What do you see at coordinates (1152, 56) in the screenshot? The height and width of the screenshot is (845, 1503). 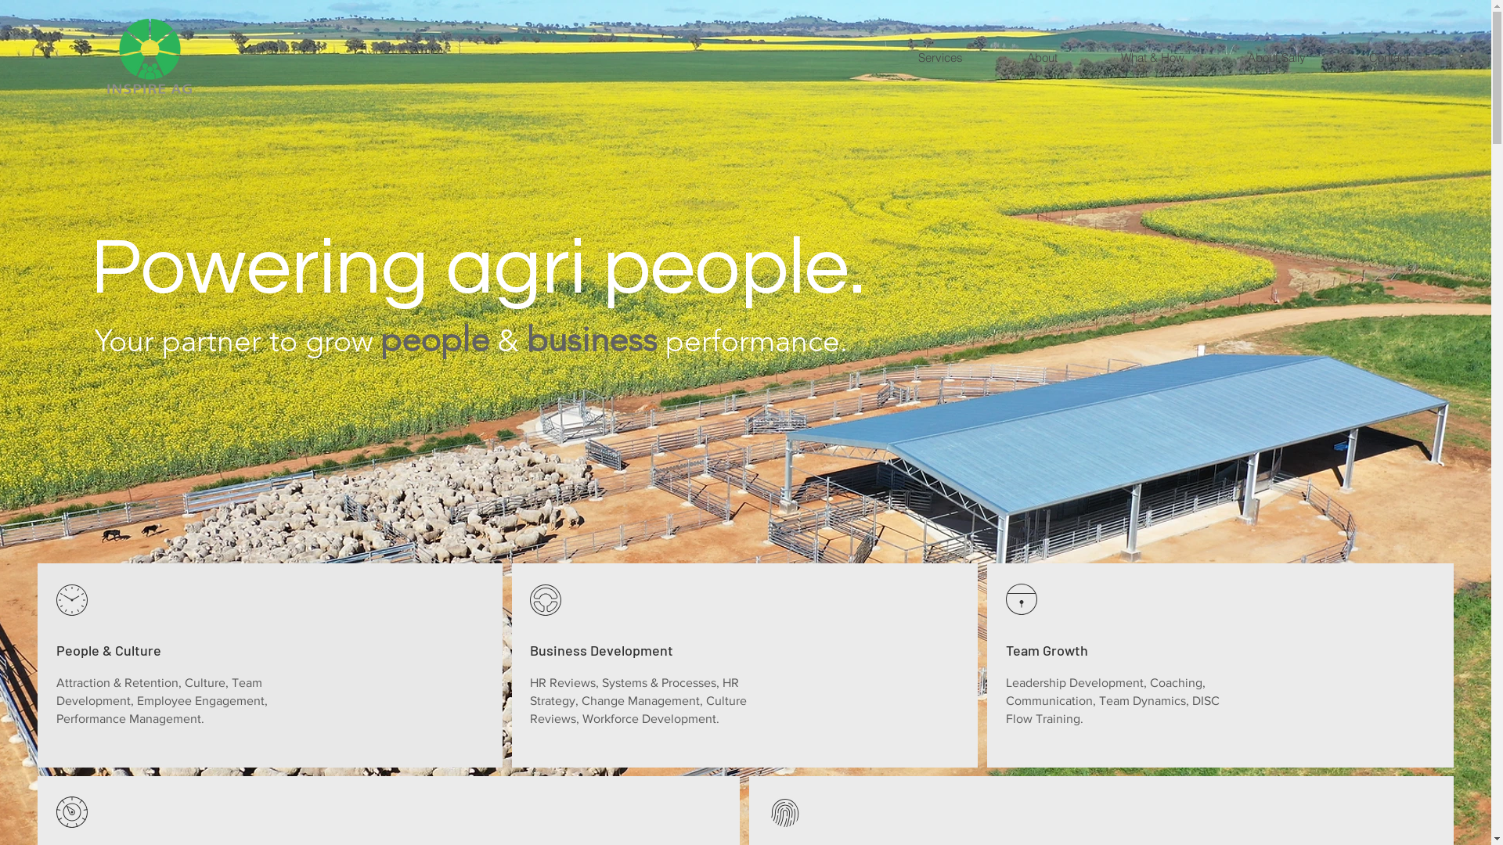 I see `'What & How'` at bounding box center [1152, 56].